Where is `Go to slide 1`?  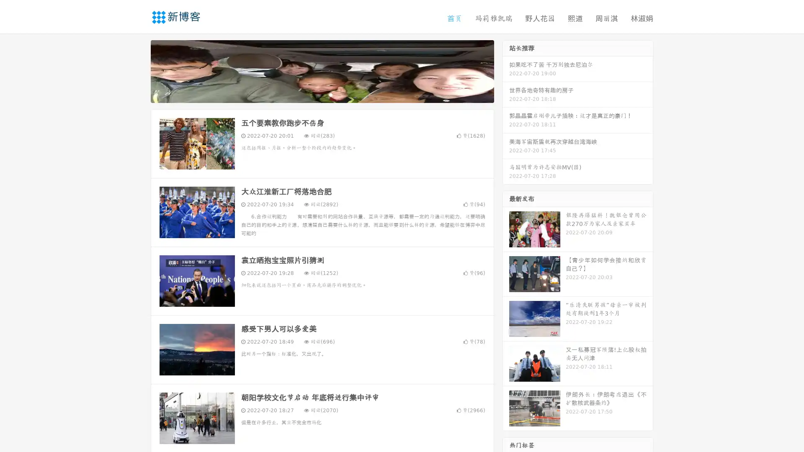
Go to slide 1 is located at coordinates (313, 94).